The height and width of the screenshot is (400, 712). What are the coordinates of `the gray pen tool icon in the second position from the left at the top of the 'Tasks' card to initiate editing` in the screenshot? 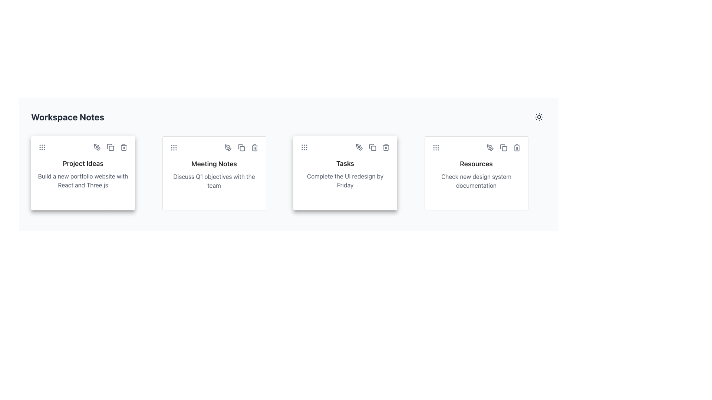 It's located at (359, 147).